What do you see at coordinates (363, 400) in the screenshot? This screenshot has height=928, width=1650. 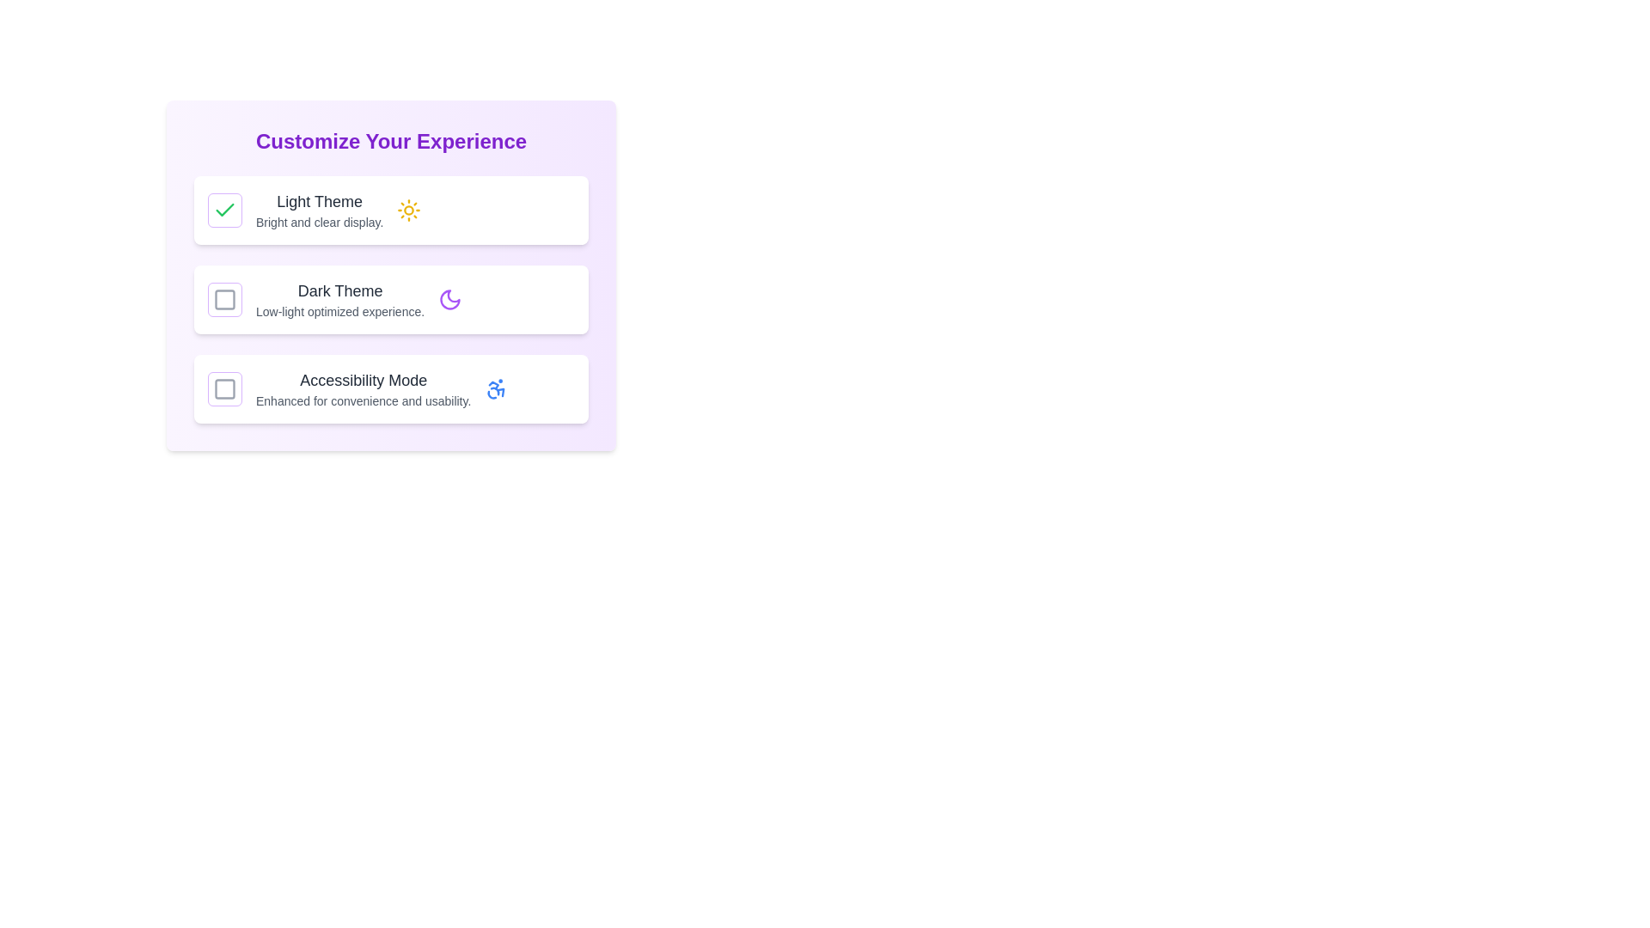 I see `the text label providing a description for the 'Accessibility Mode' option, which is located directly below the 'Accessibility Mode' header within the third card component` at bounding box center [363, 400].